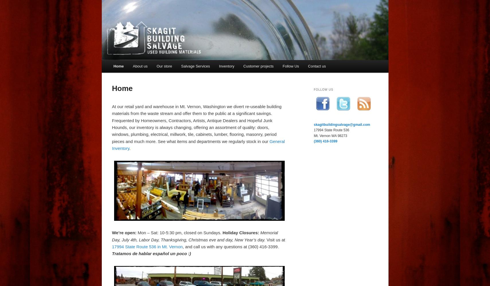  I want to click on ', and call us with any questions at (360) 416-3399.', so click(230, 246).